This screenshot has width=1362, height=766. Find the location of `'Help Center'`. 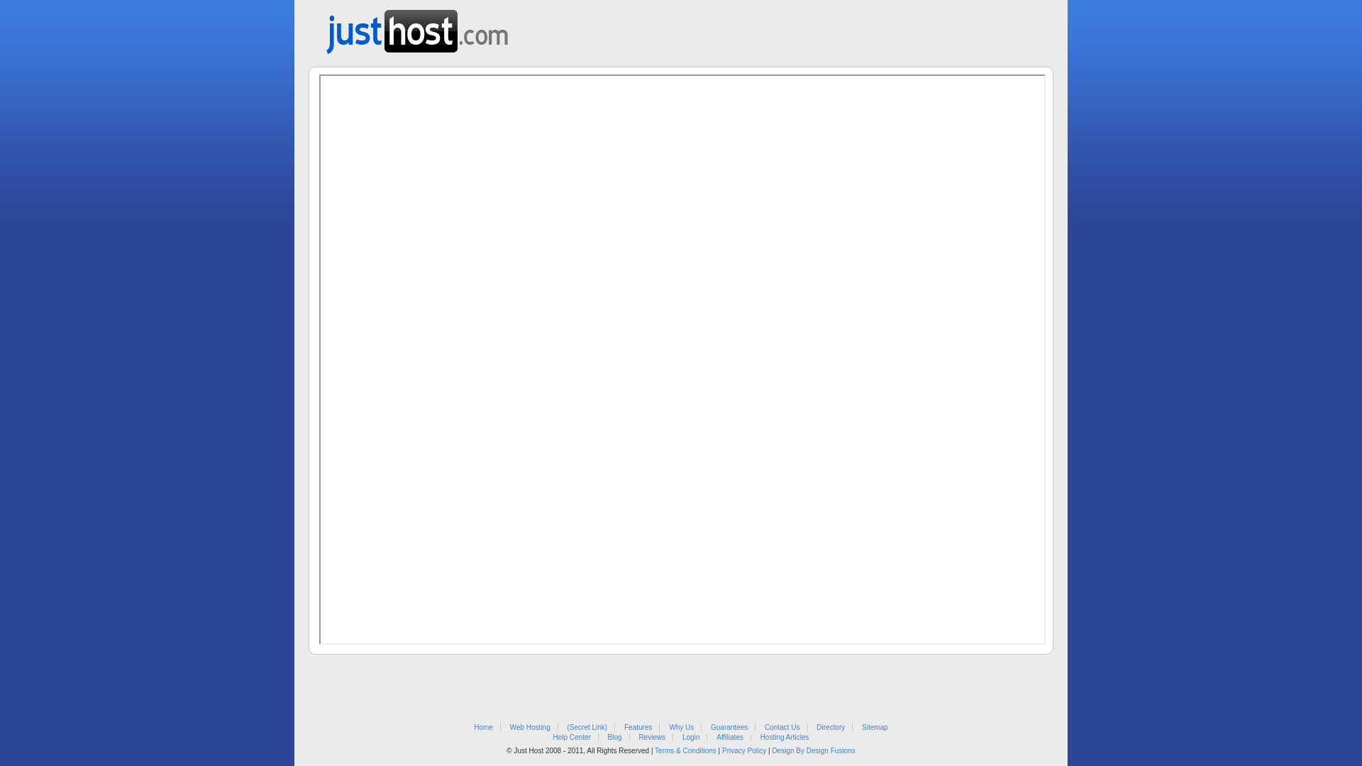

'Help Center' is located at coordinates (551, 736).